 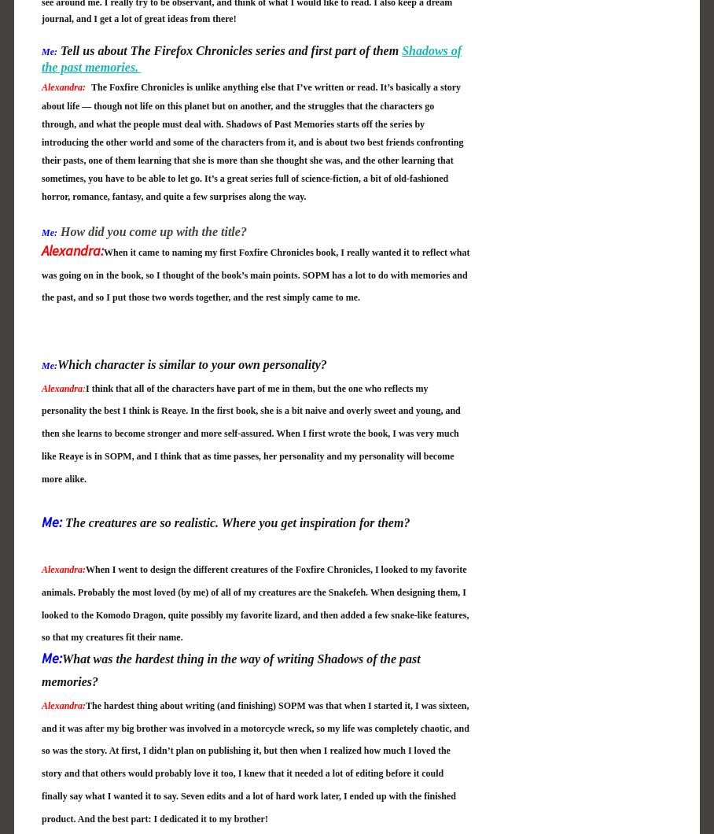 What do you see at coordinates (230, 670) in the screenshot?
I see `'What was the hardest thing in the way of writing Shadows of the past memories?'` at bounding box center [230, 670].